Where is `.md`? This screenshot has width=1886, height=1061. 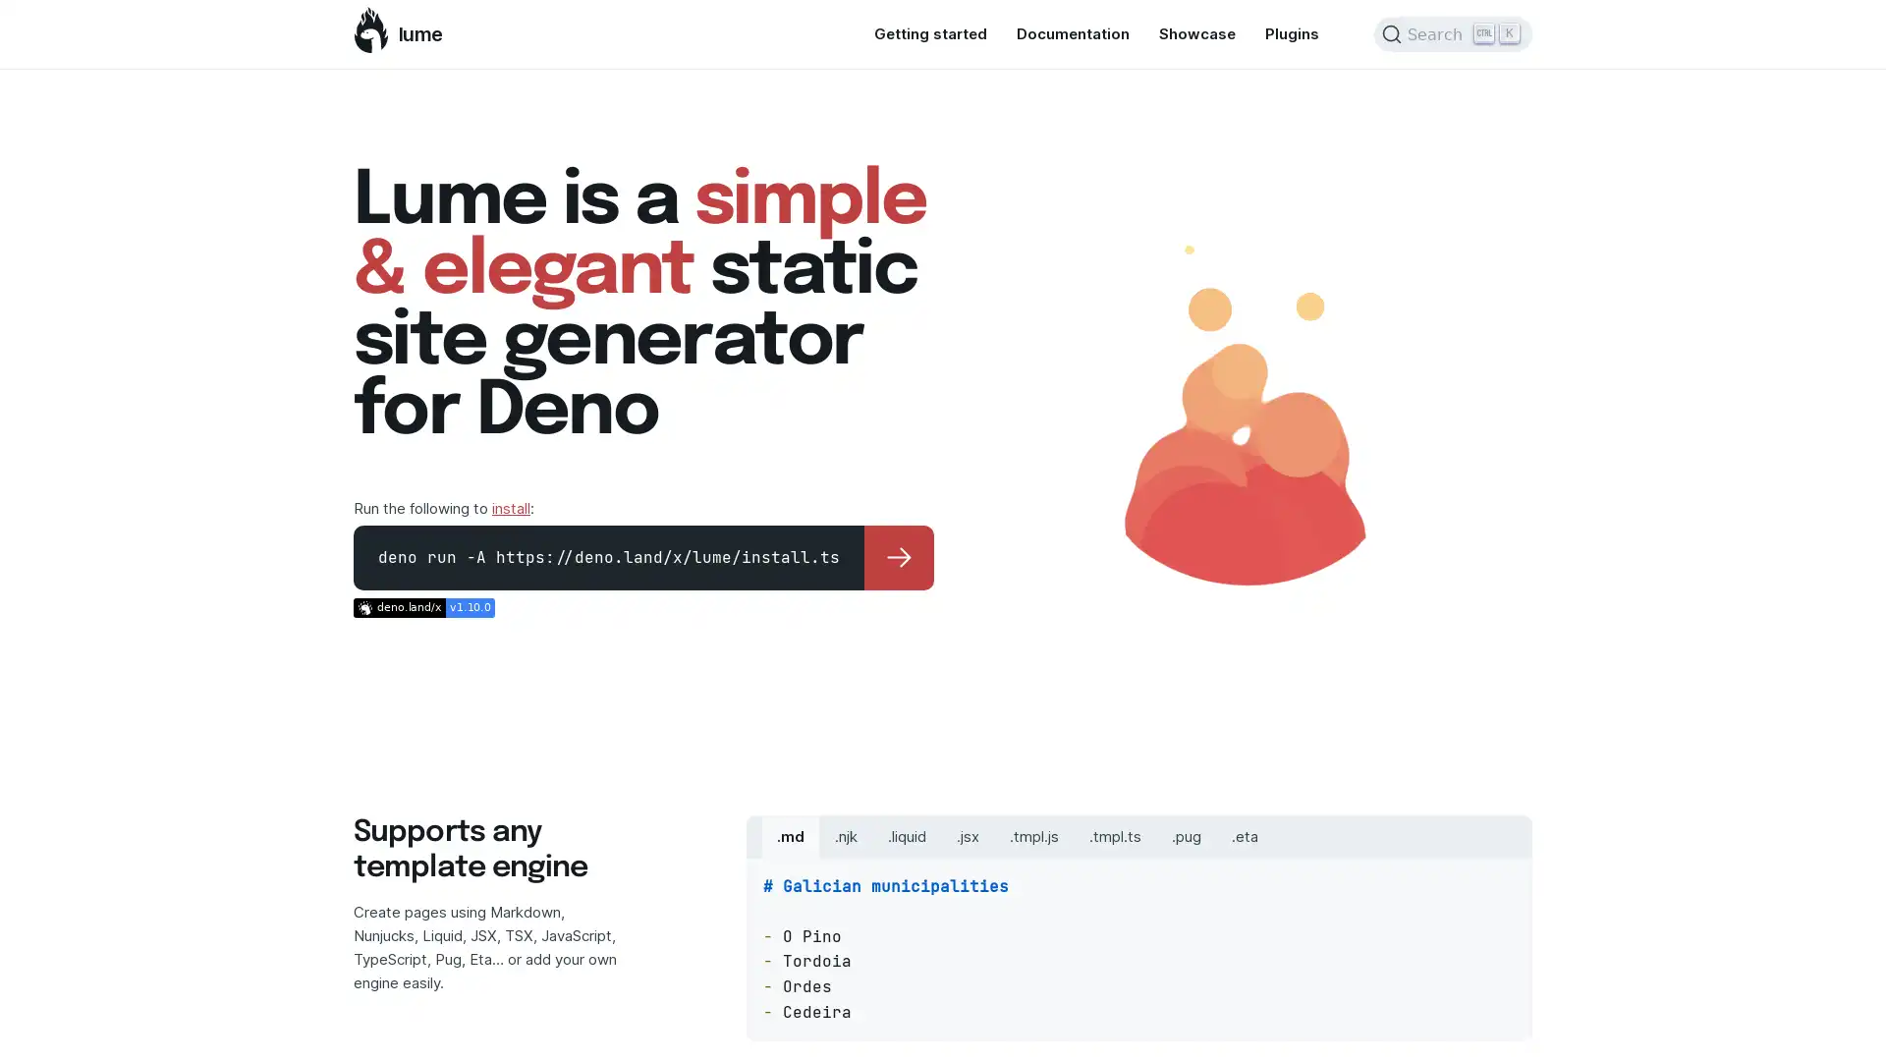 .md is located at coordinates (791, 836).